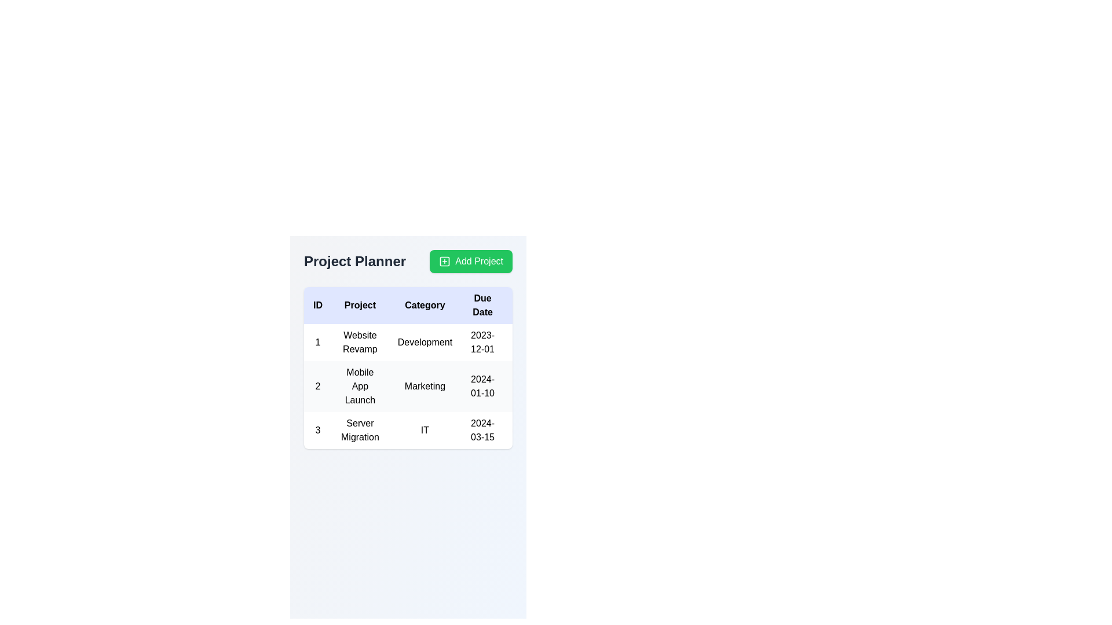 The width and height of the screenshot is (1112, 625). Describe the element at coordinates (317, 386) in the screenshot. I see `text label element displaying the digit '2' located in the first column under the 'ID' header in the project management table` at that location.